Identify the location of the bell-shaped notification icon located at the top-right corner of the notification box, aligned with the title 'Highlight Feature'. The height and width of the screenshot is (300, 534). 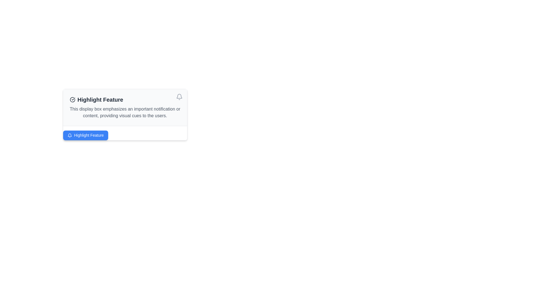
(179, 96).